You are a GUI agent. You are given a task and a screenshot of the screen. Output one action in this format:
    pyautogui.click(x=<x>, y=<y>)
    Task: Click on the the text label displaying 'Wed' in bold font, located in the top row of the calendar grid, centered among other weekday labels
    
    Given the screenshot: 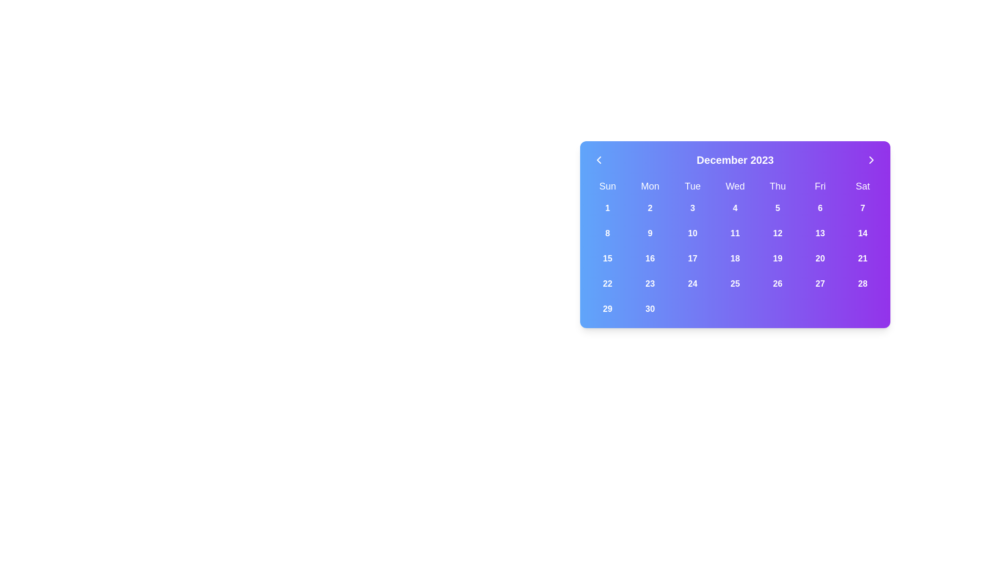 What is the action you would take?
    pyautogui.click(x=734, y=185)
    